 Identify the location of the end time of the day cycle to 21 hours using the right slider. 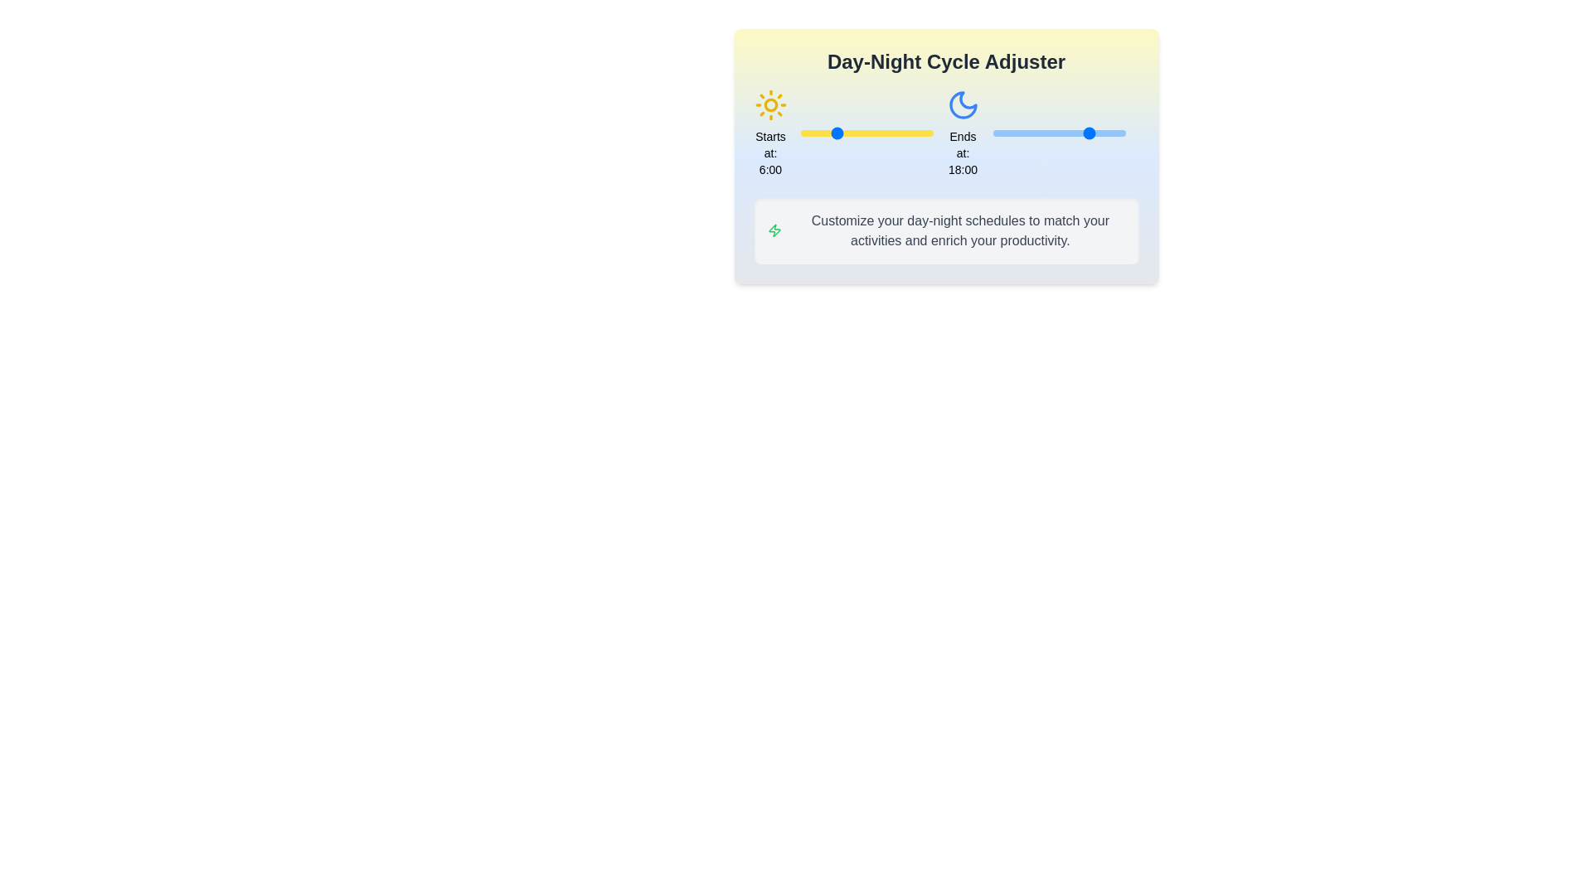
(1109, 133).